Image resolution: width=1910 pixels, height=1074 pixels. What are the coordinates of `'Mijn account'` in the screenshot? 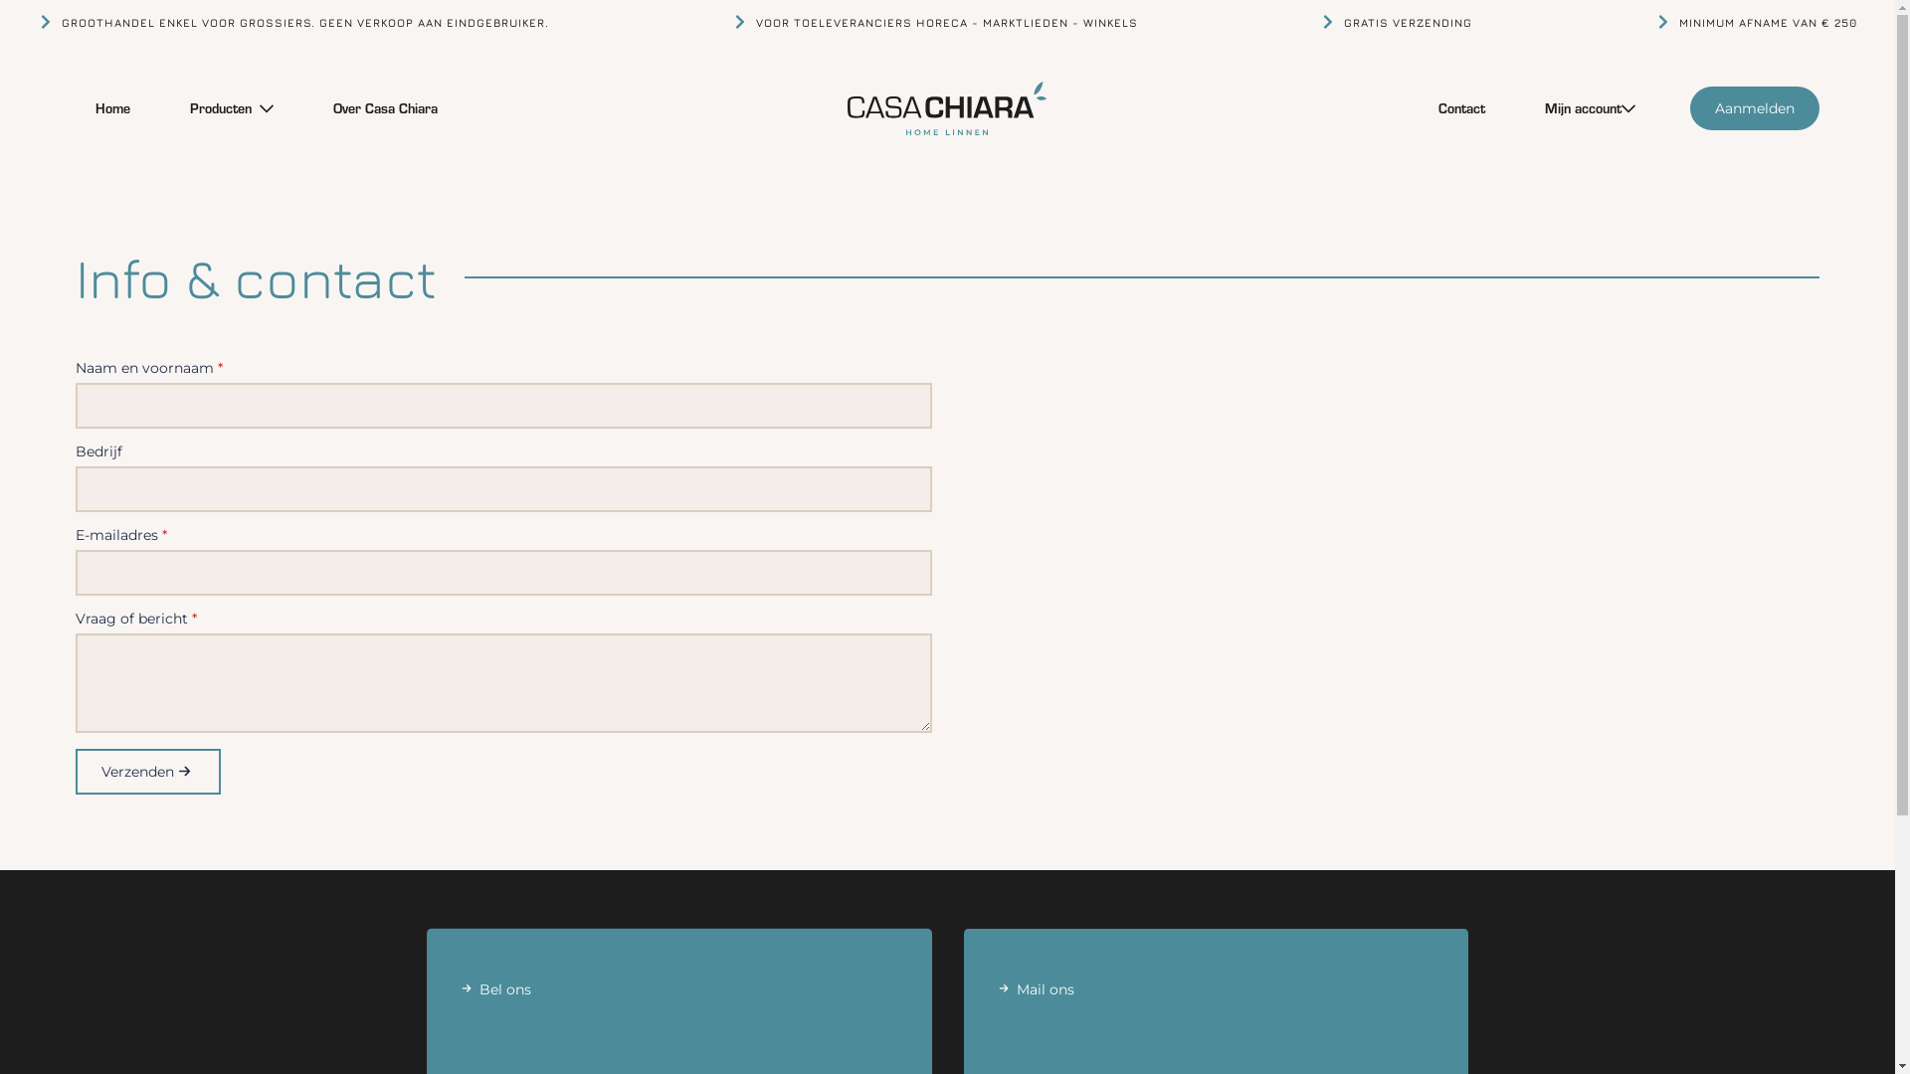 It's located at (1572, 107).